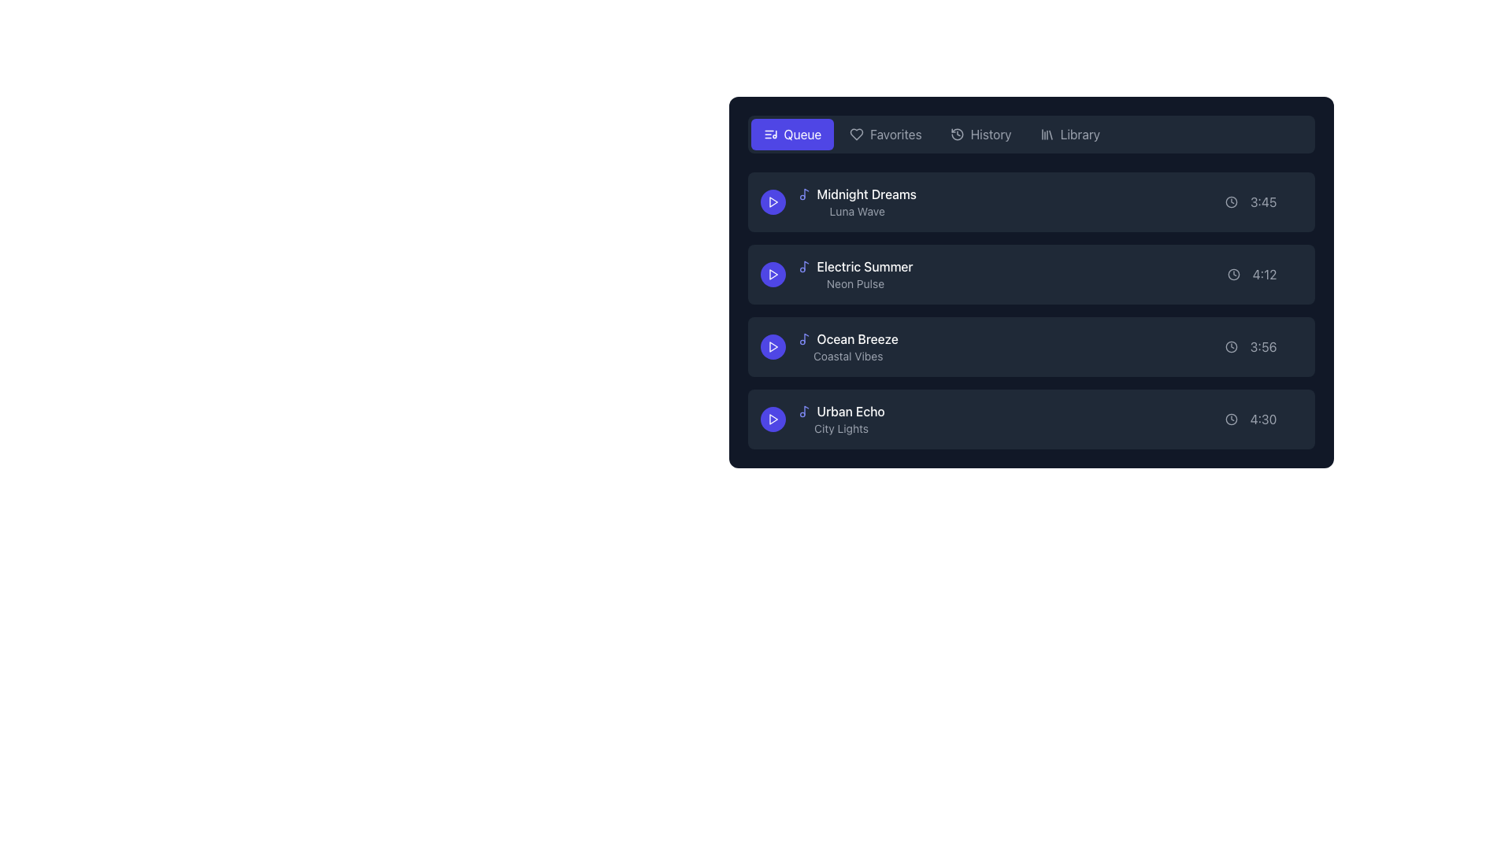 The image size is (1512, 850). What do you see at coordinates (847, 356) in the screenshot?
I see `the 'Coastal Vibes' text label, which is styled in gray and located beneath 'Ocean Breeze' in the track list, to associate its meaning with the corresponding track` at bounding box center [847, 356].